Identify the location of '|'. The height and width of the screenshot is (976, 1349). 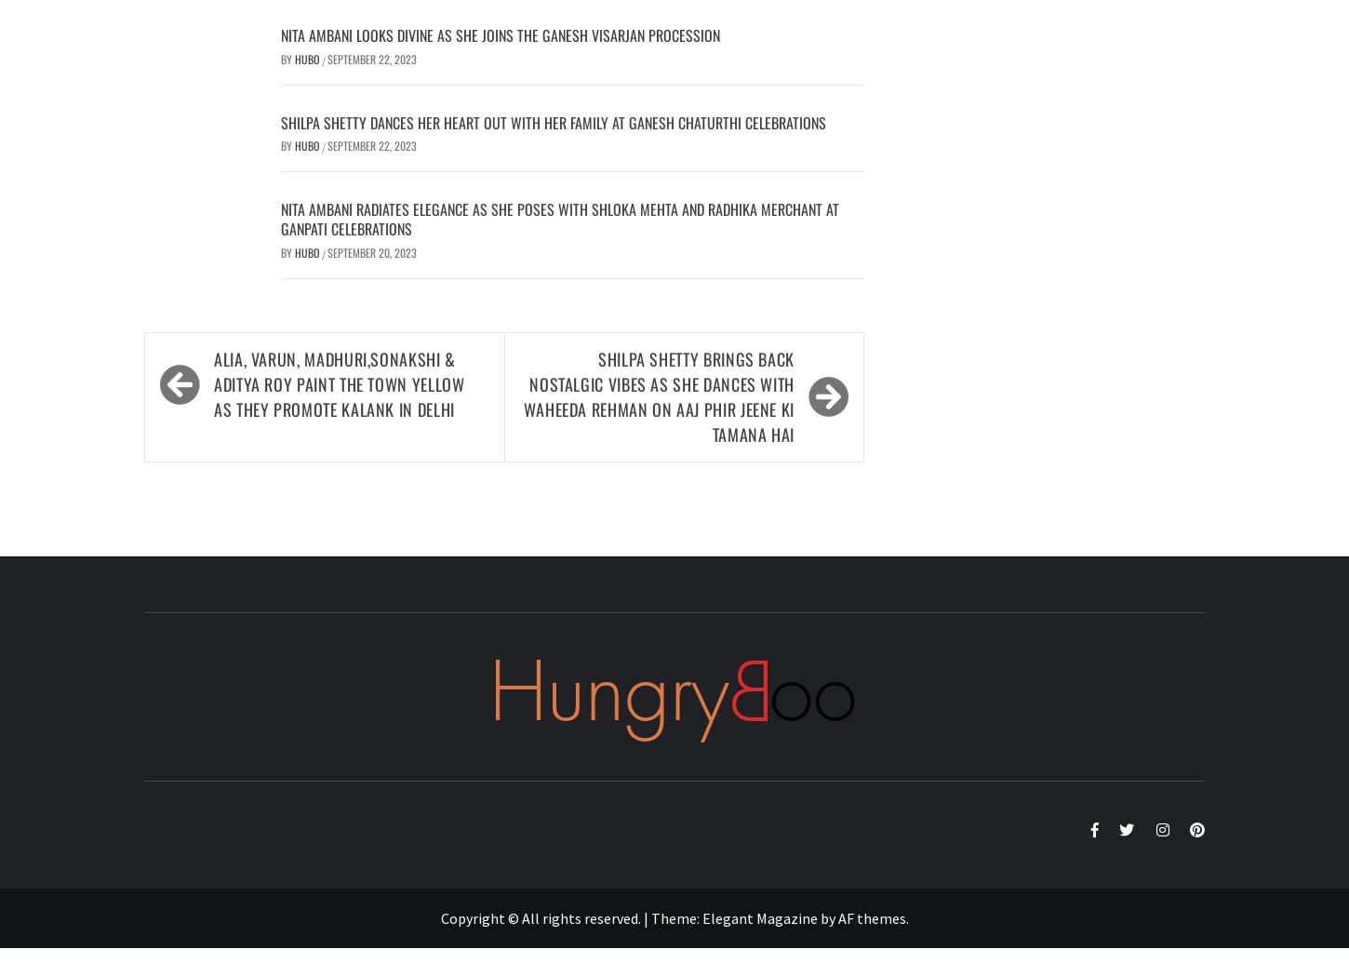
(645, 917).